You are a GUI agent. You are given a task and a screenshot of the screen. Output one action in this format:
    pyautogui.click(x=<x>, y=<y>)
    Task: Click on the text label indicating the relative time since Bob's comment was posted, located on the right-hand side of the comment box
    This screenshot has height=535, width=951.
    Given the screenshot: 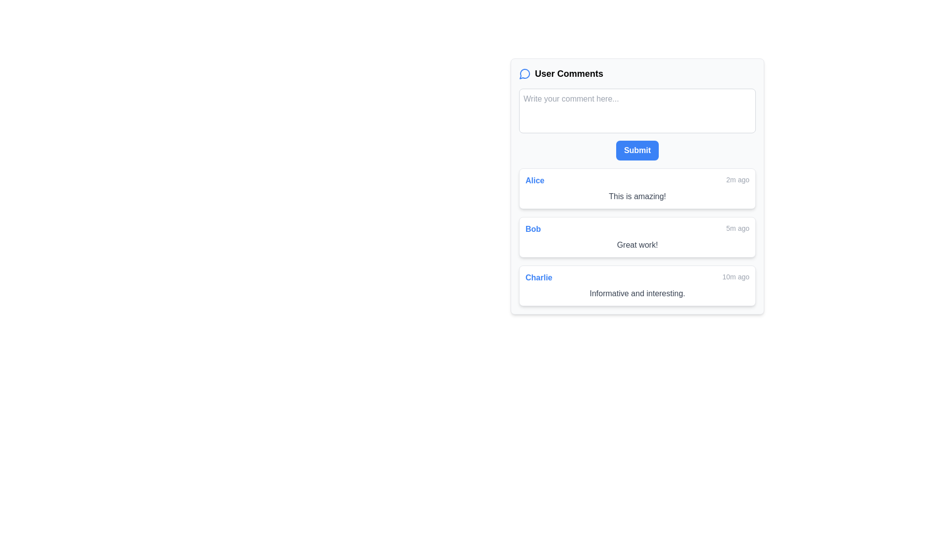 What is the action you would take?
    pyautogui.click(x=738, y=229)
    